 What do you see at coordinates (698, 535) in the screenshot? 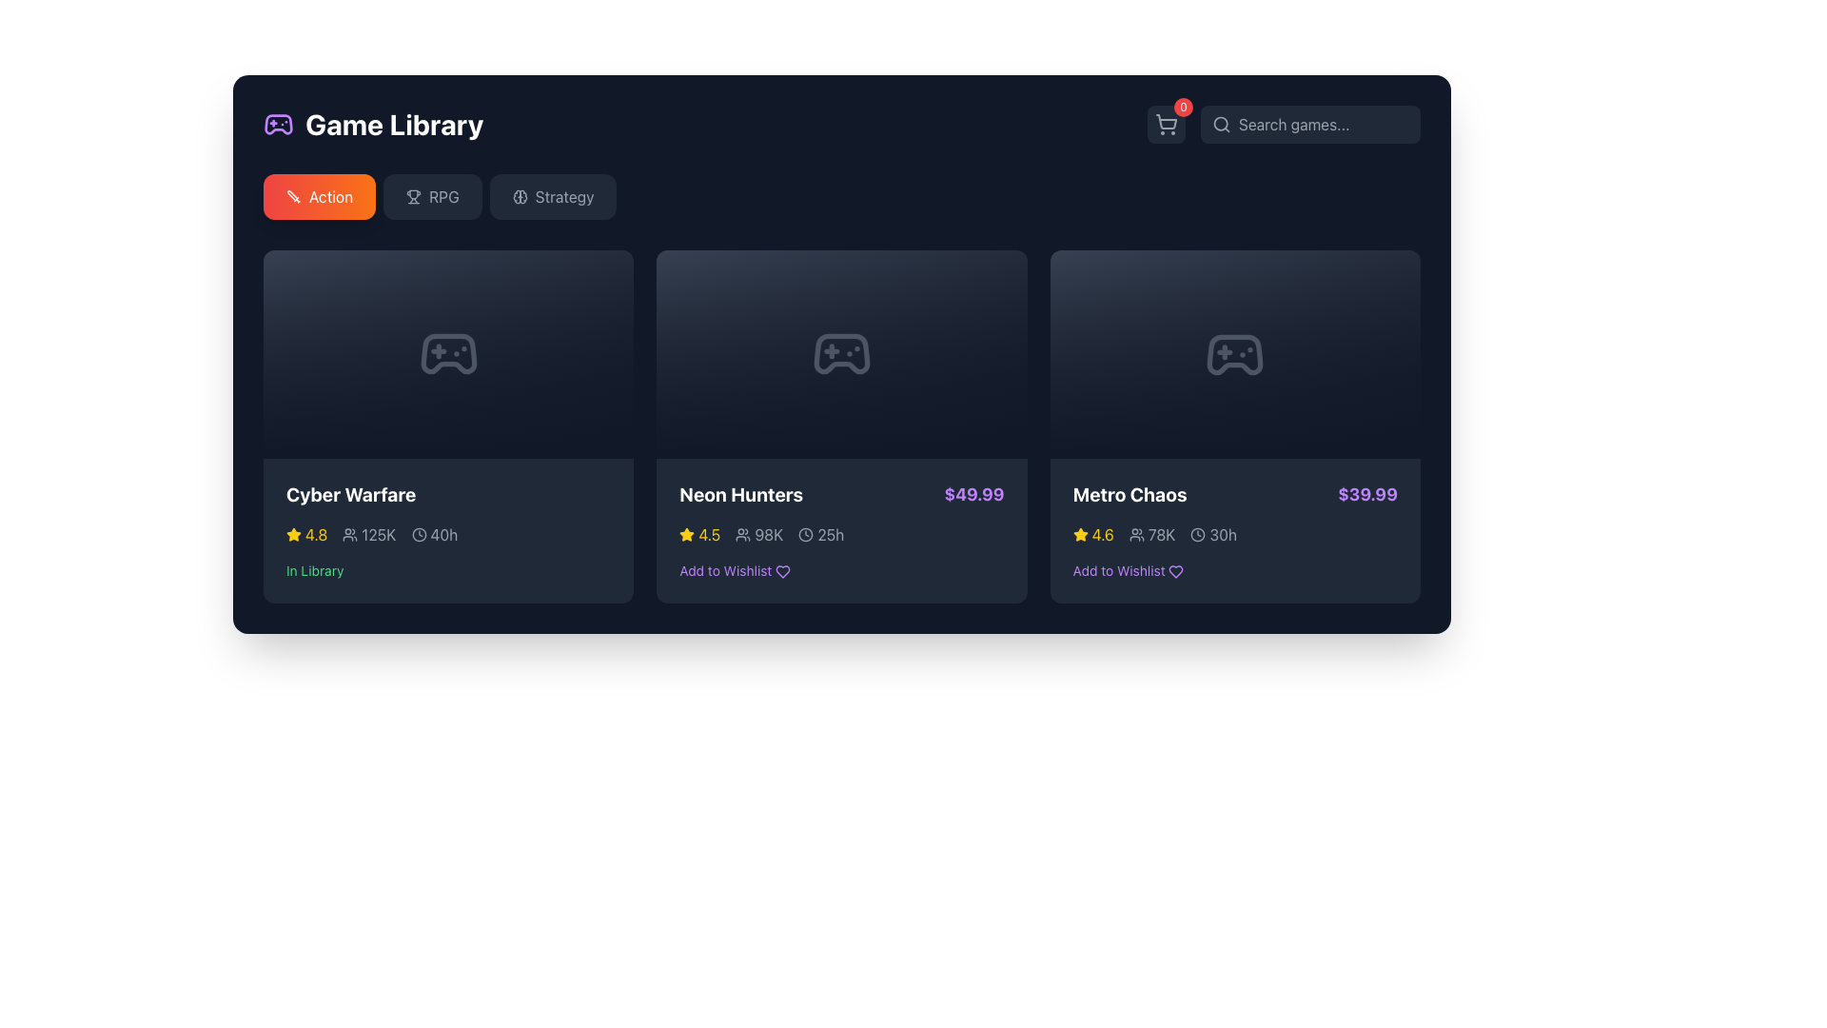
I see `the rating value displayed in the second content card from the left, located at the top of the card's metadata section, specifically on the left side in line with the game's title` at bounding box center [698, 535].